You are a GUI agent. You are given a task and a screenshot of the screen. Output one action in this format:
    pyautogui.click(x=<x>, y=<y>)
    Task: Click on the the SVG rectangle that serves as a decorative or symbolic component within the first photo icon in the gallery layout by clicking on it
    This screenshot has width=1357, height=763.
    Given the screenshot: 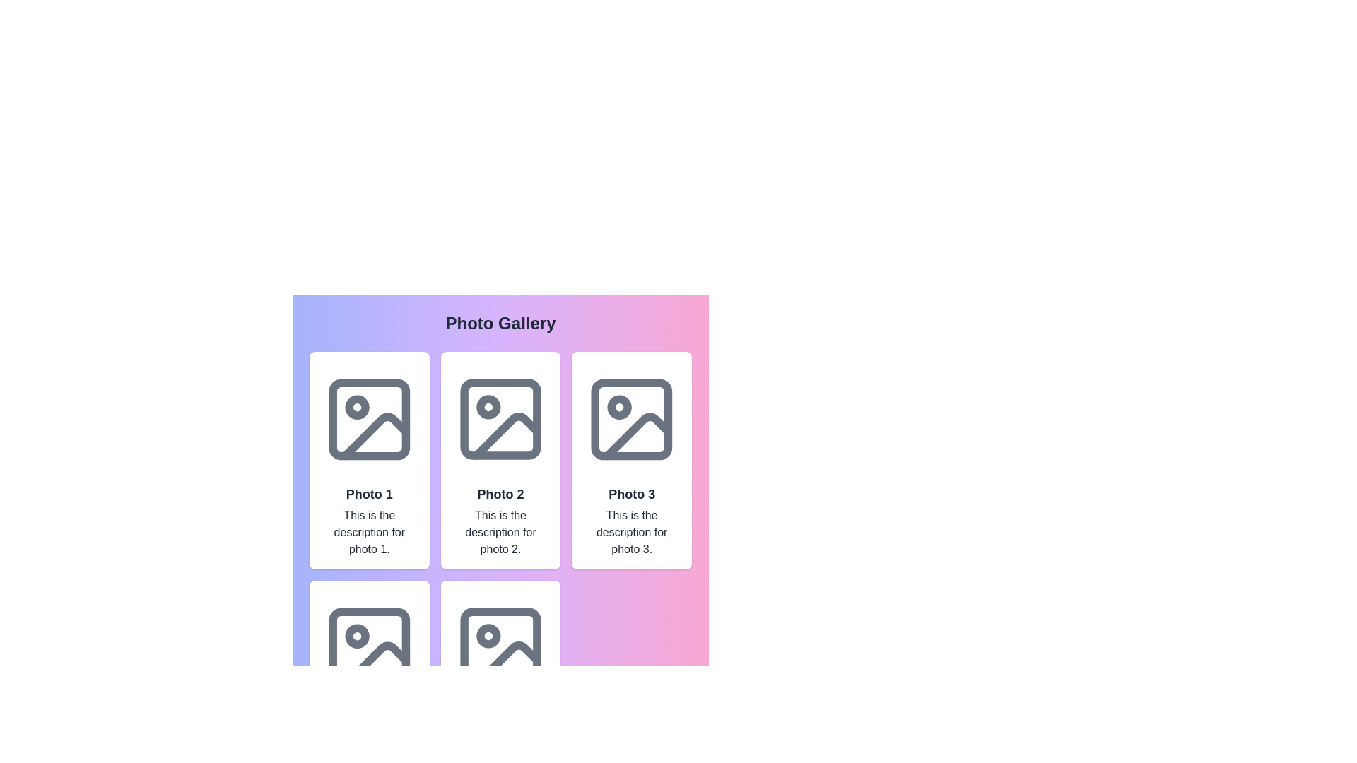 What is the action you would take?
    pyautogui.click(x=369, y=419)
    